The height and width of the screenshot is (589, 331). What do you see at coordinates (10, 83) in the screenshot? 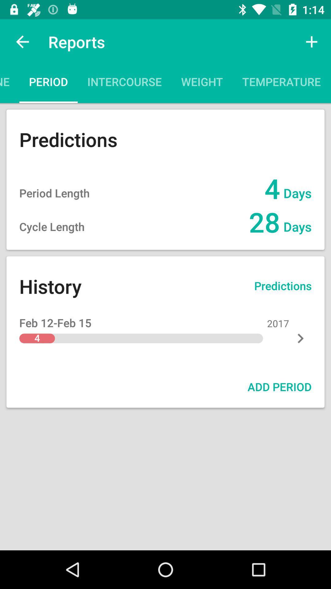
I see `the icon next to period icon` at bounding box center [10, 83].